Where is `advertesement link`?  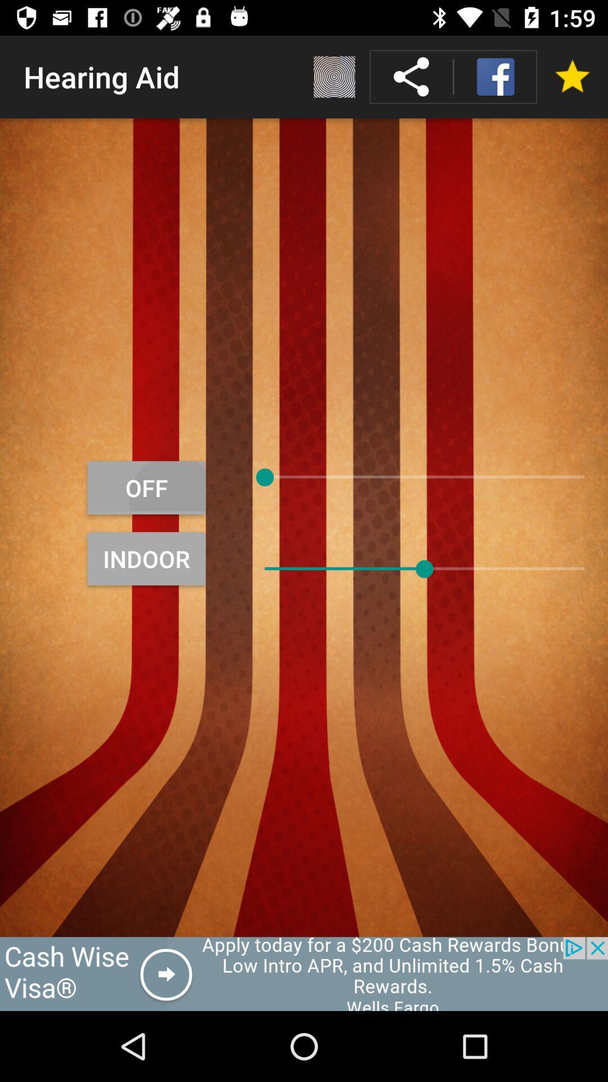 advertesement link is located at coordinates (304, 973).